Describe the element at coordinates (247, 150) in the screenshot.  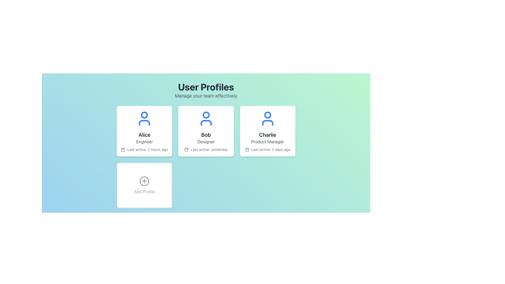
I see `the calendar icon located within Charlie's user profile card, which is positioned to the left of the 'Last active: 3 days ago' text` at that location.